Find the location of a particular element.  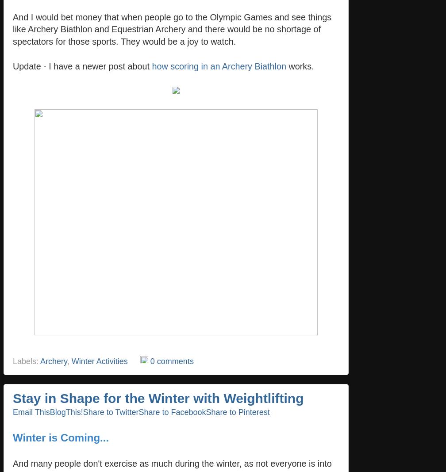

'BlogThis!' is located at coordinates (66, 411).